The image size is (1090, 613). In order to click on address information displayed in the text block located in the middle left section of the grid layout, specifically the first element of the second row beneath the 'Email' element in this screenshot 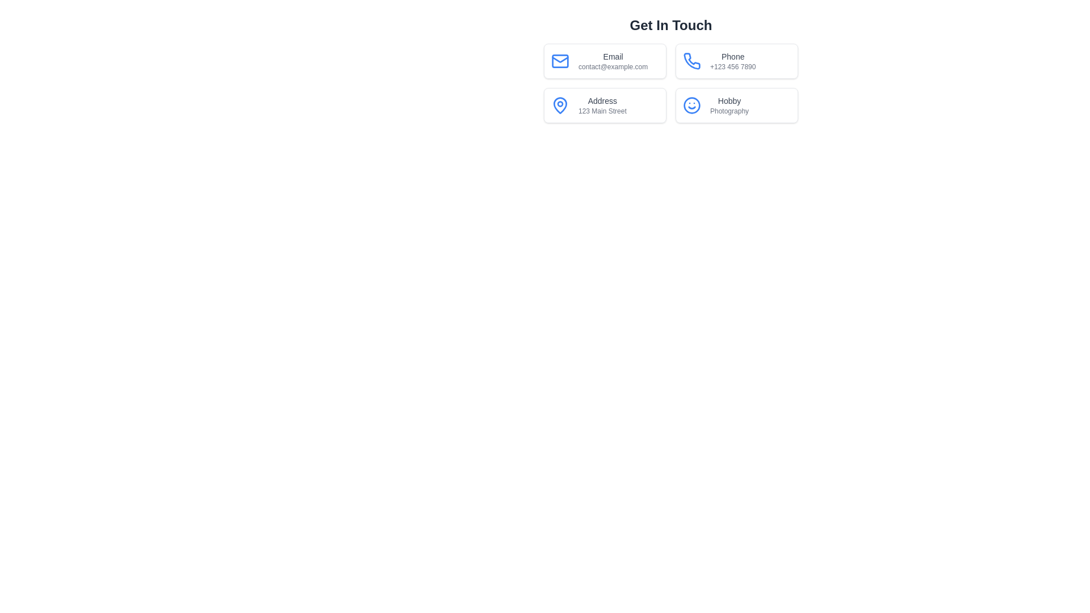, I will do `click(602, 105)`.